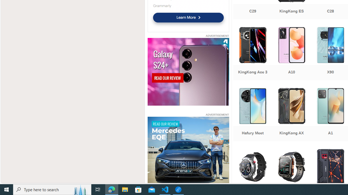 This screenshot has width=348, height=195. What do you see at coordinates (252, 54) in the screenshot?
I see `'KingKong Ace 3'` at bounding box center [252, 54].